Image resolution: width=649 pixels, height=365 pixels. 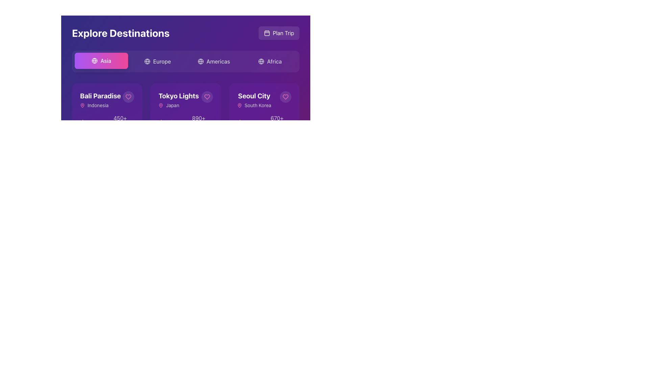 What do you see at coordinates (162, 61) in the screenshot?
I see `text displayed on the 'Europe' text label located in the navigation bar between 'Asia' and 'Americas'` at bounding box center [162, 61].